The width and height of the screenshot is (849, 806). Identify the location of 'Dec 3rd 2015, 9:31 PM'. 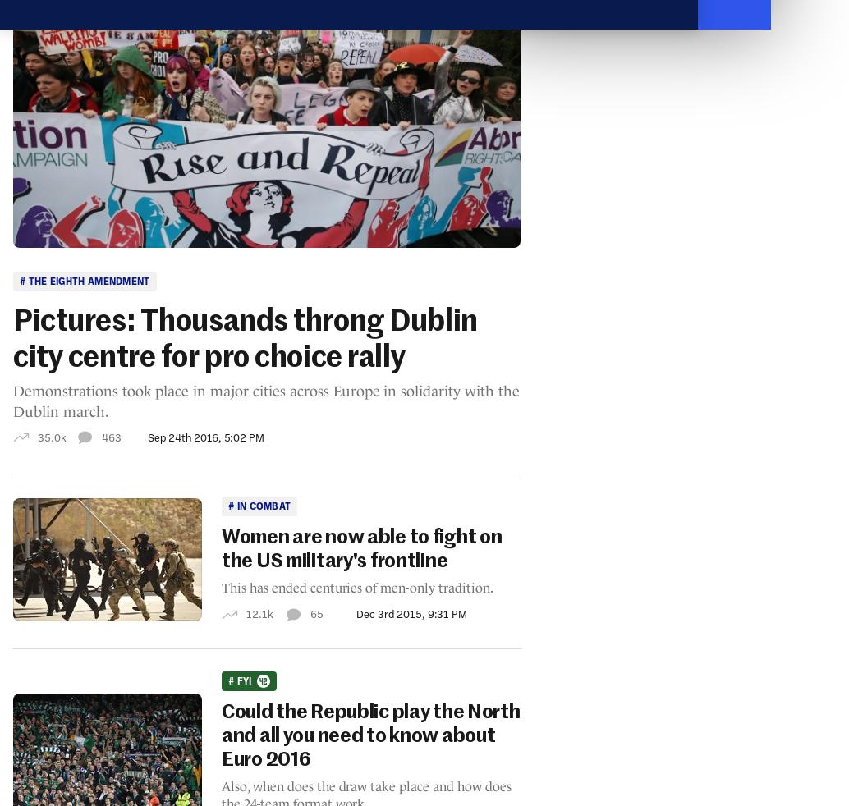
(411, 613).